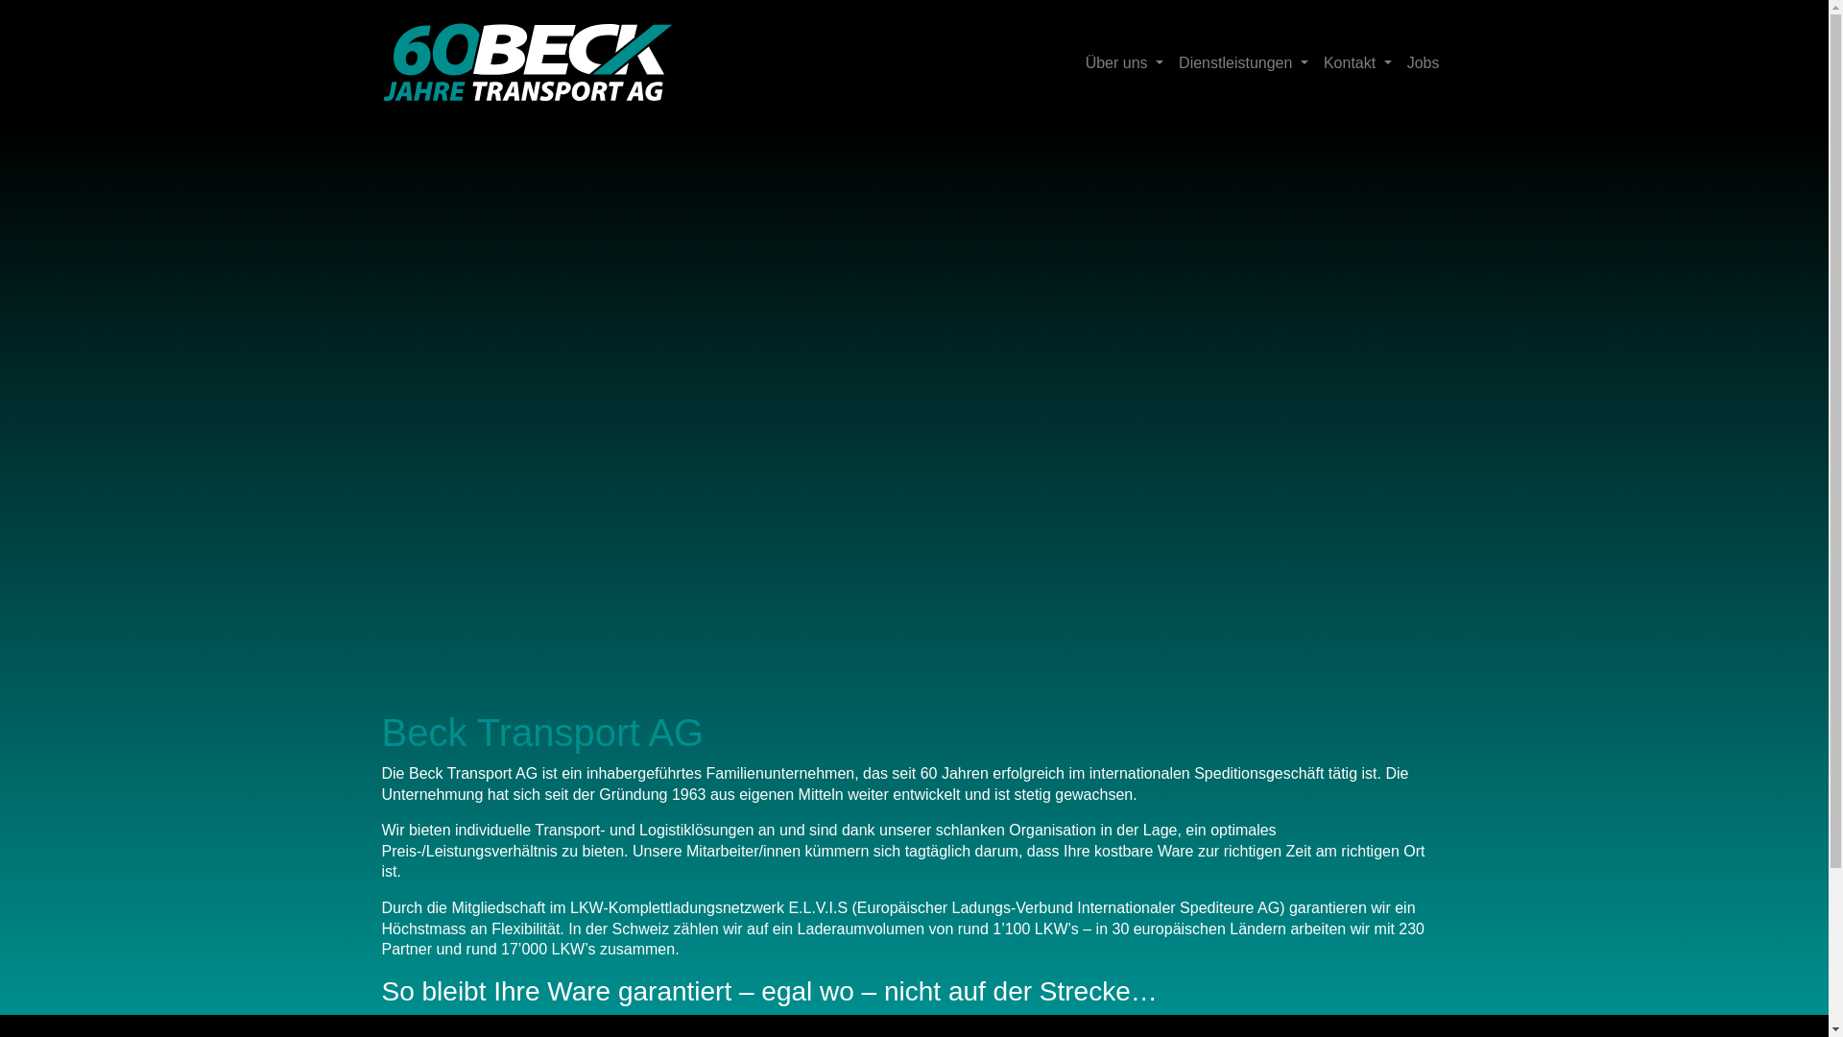  What do you see at coordinates (1243, 61) in the screenshot?
I see `'Dienstleistungen'` at bounding box center [1243, 61].